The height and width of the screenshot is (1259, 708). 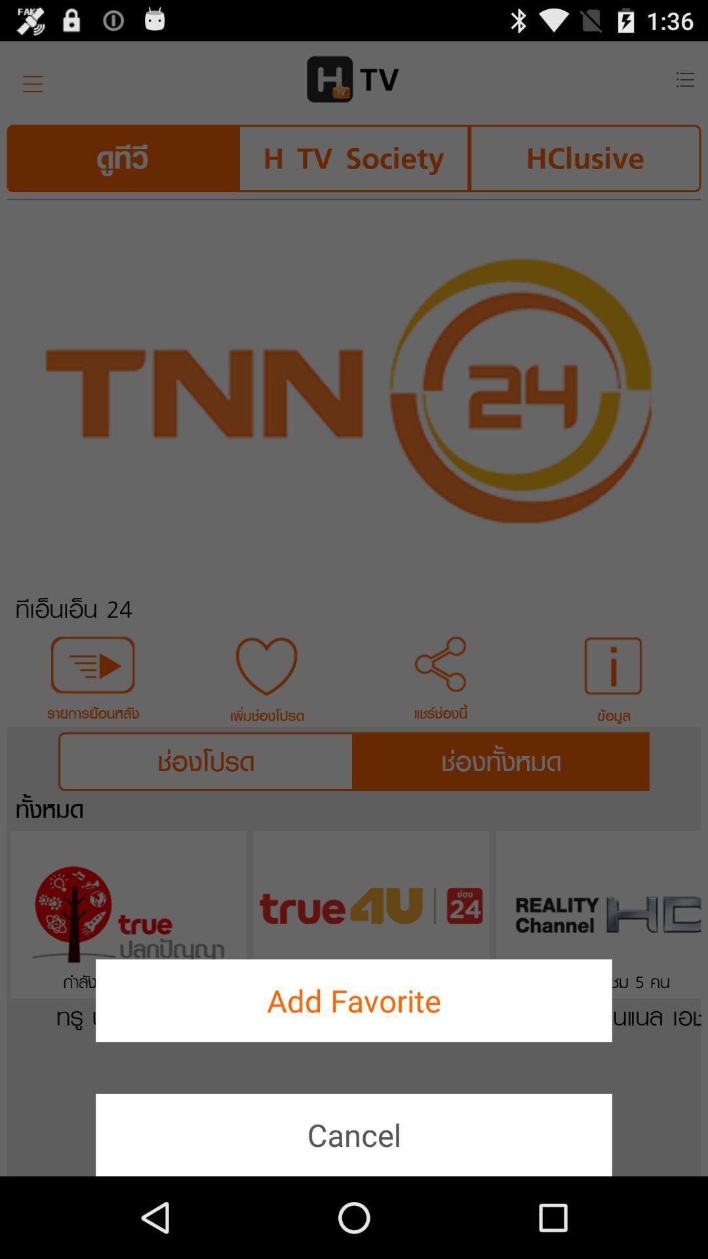 What do you see at coordinates (354, 1134) in the screenshot?
I see `the cancel item` at bounding box center [354, 1134].